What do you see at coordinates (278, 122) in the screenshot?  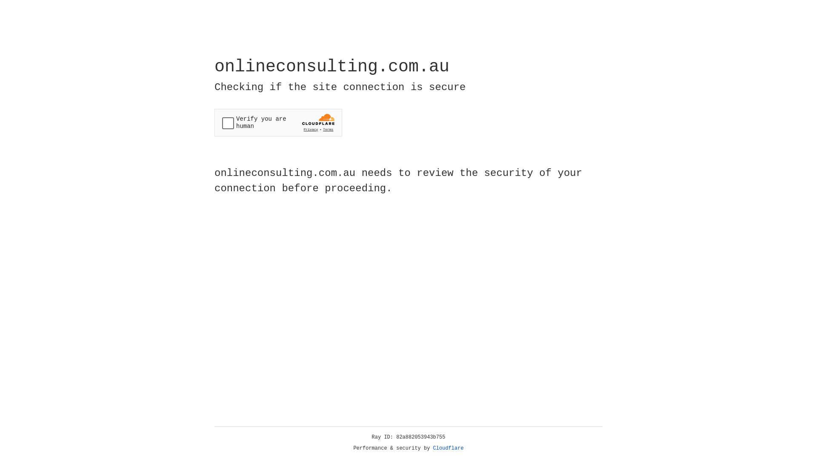 I see `'Widget containing a Cloudflare security challenge'` at bounding box center [278, 122].